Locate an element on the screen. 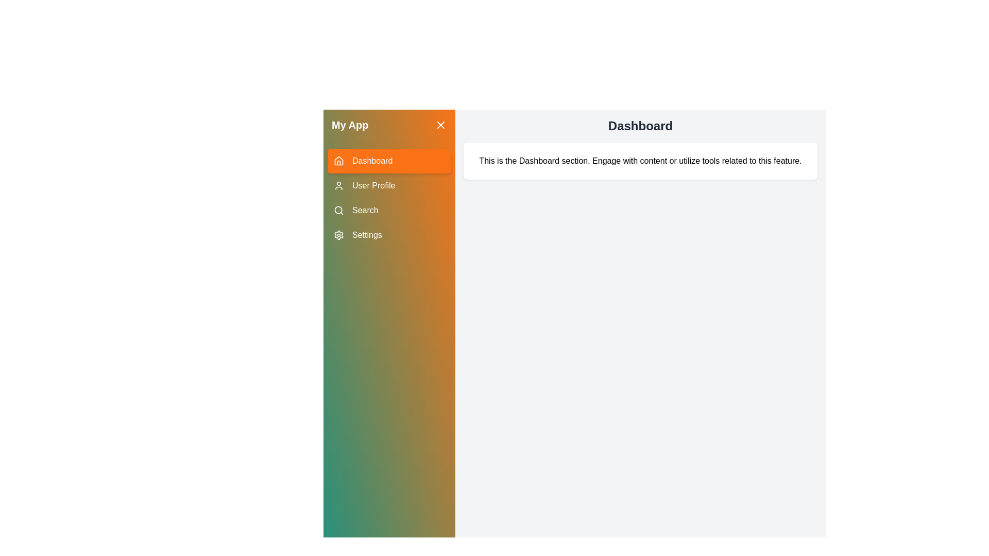 This screenshot has height=556, width=989. the menu item labeled Settings to observe its hover effect is located at coordinates (388, 235).